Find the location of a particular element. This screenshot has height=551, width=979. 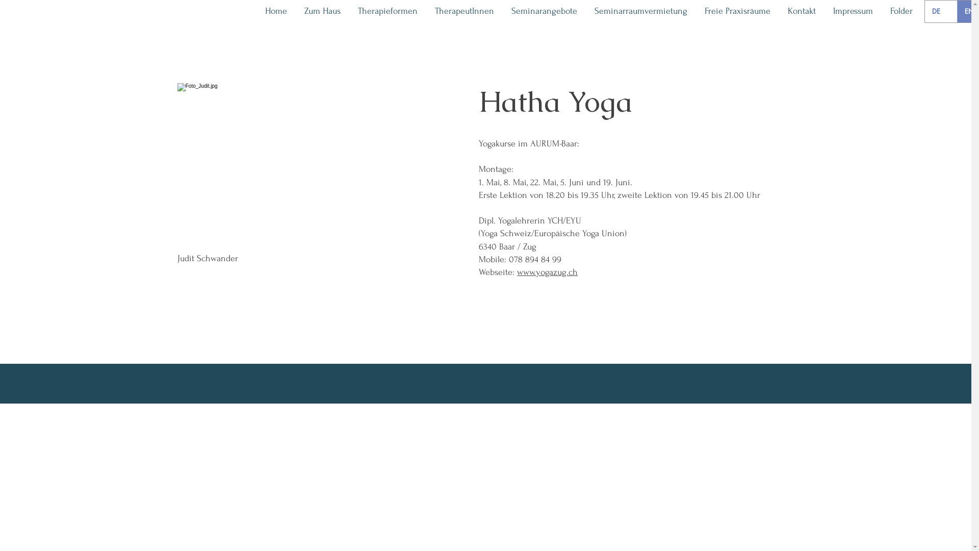

'TherapeutInnen' is located at coordinates (464, 11).